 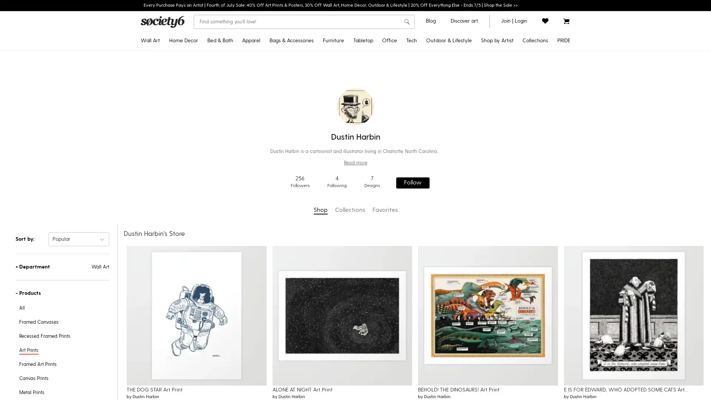 What do you see at coordinates (174, 143) in the screenshot?
I see `Floating Acrylic Prints` at bounding box center [174, 143].